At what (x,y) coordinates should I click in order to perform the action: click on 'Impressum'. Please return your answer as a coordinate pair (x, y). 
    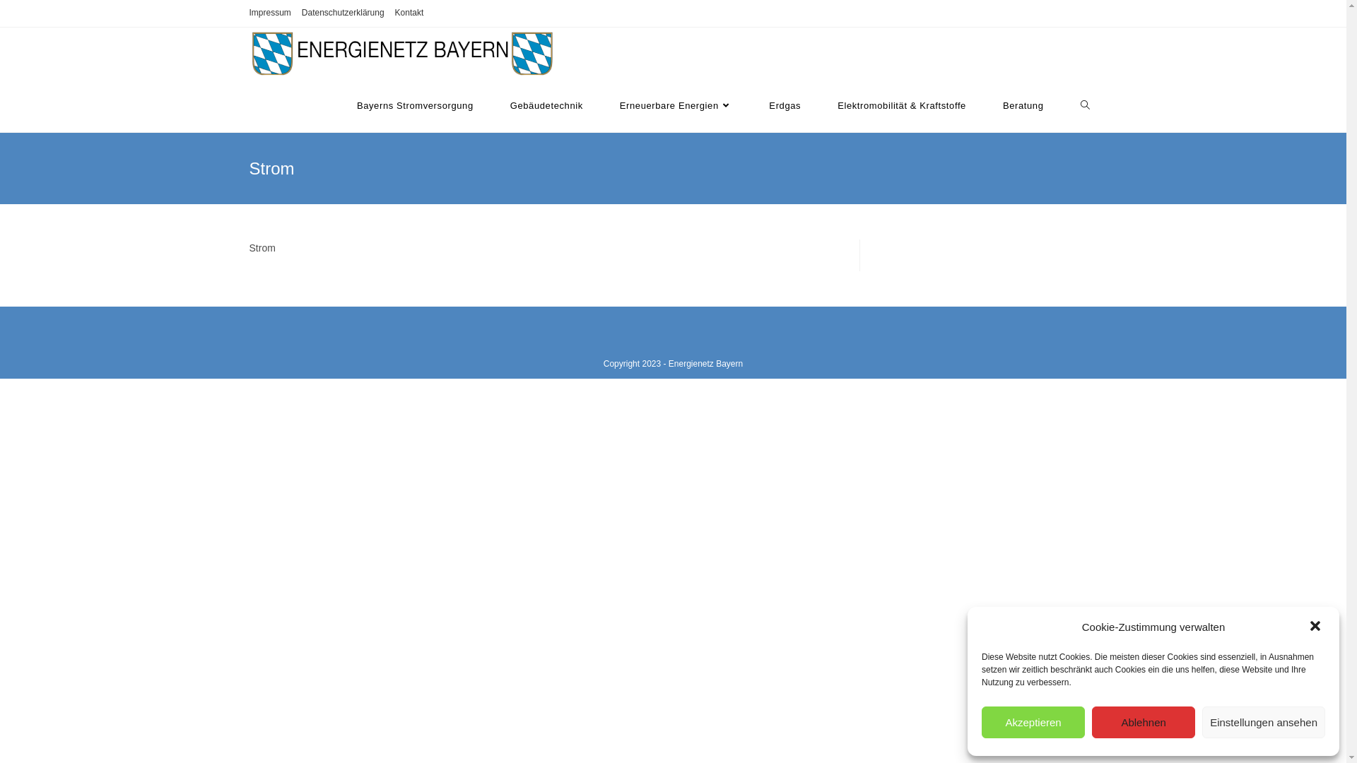
    Looking at the image, I should click on (269, 13).